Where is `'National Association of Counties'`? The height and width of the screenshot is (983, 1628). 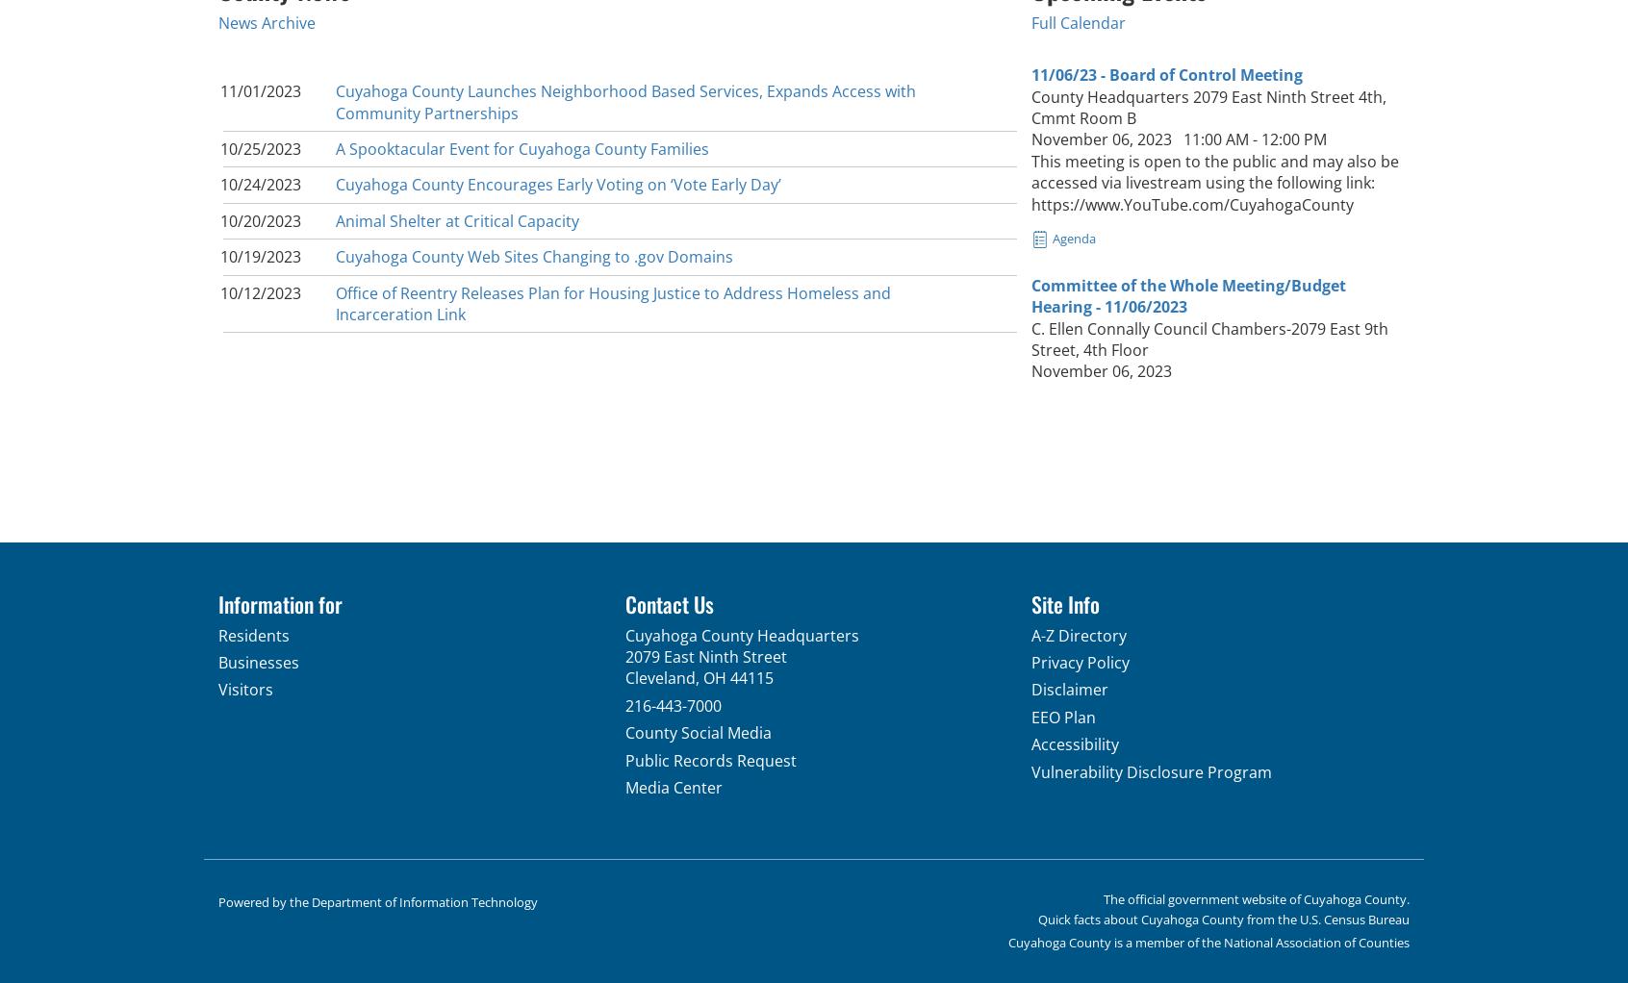 'National Association of Counties' is located at coordinates (1316, 940).